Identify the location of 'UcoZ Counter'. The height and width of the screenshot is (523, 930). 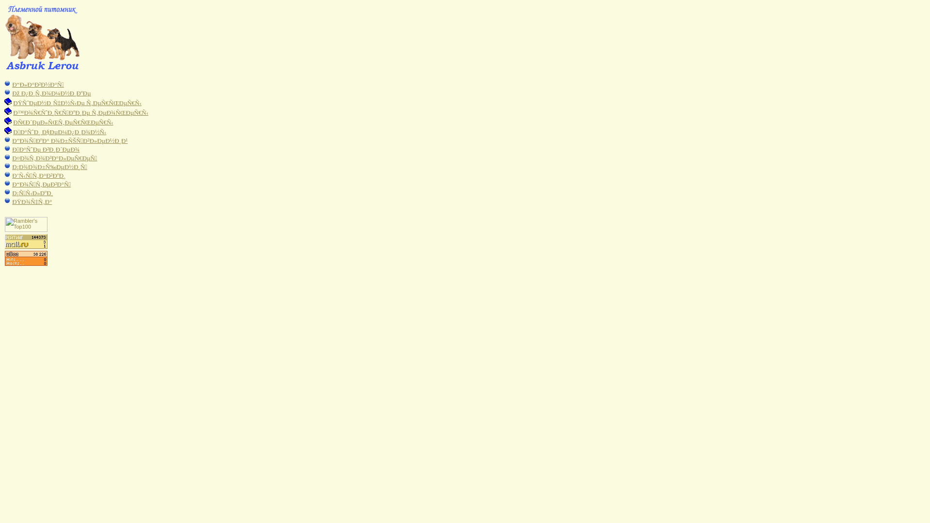
(26, 263).